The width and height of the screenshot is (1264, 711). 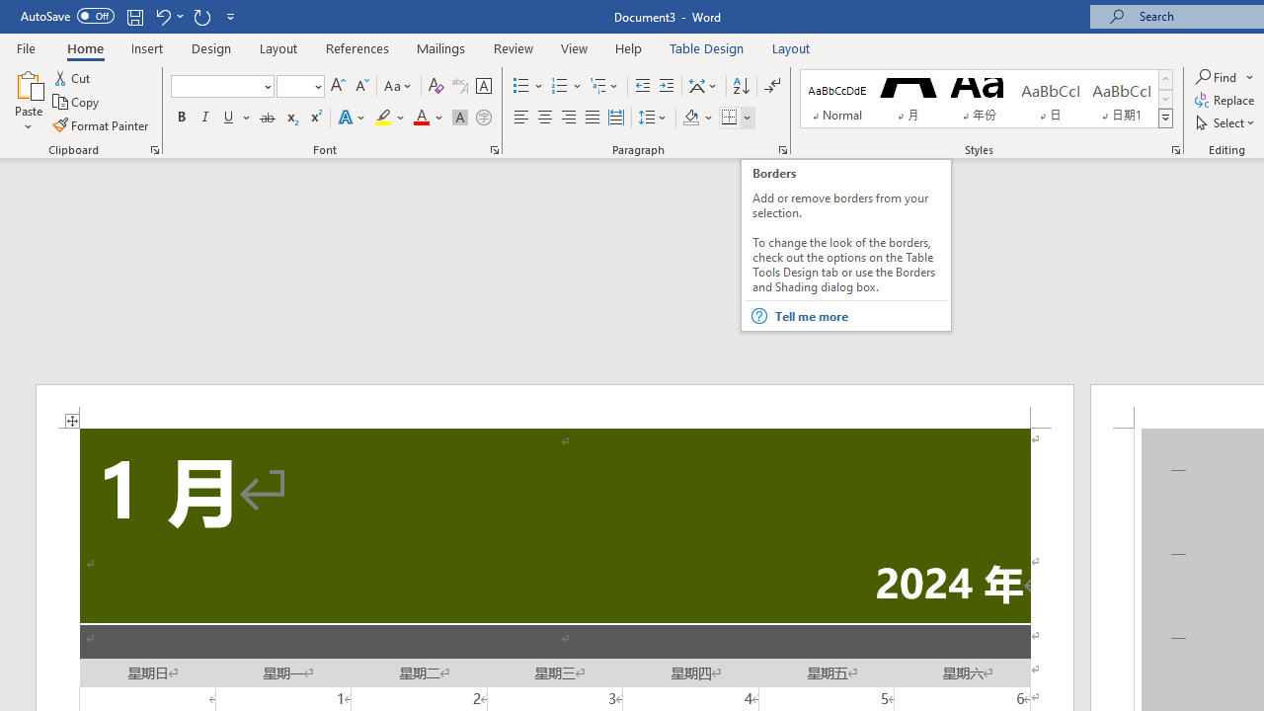 What do you see at coordinates (987, 99) in the screenshot?
I see `'AutomationID: QuickStylesGallery'` at bounding box center [987, 99].